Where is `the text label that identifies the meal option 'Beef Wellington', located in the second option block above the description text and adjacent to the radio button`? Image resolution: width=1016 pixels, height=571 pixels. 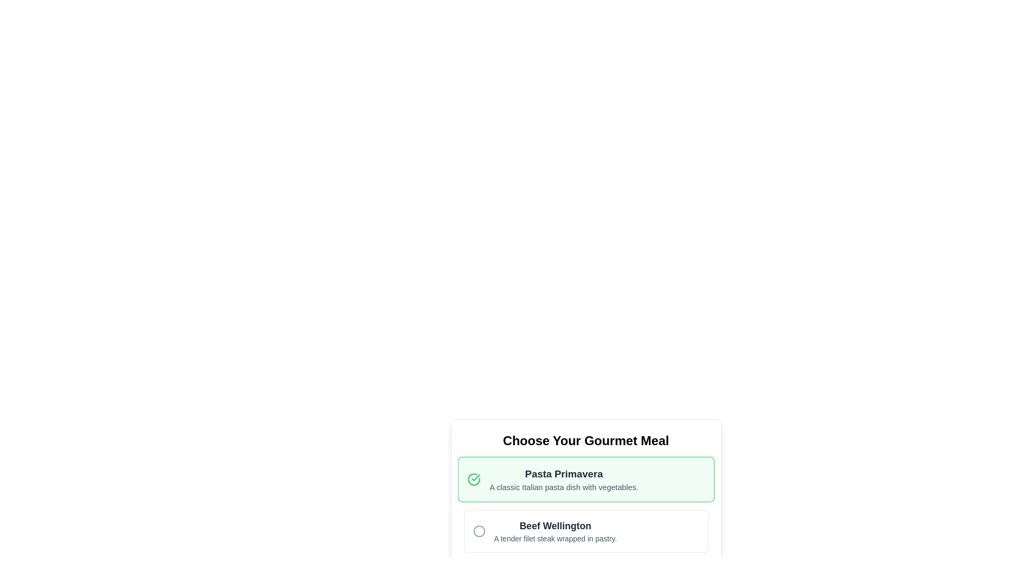 the text label that identifies the meal option 'Beef Wellington', located in the second option block above the description text and adjacent to the radio button is located at coordinates (555, 526).